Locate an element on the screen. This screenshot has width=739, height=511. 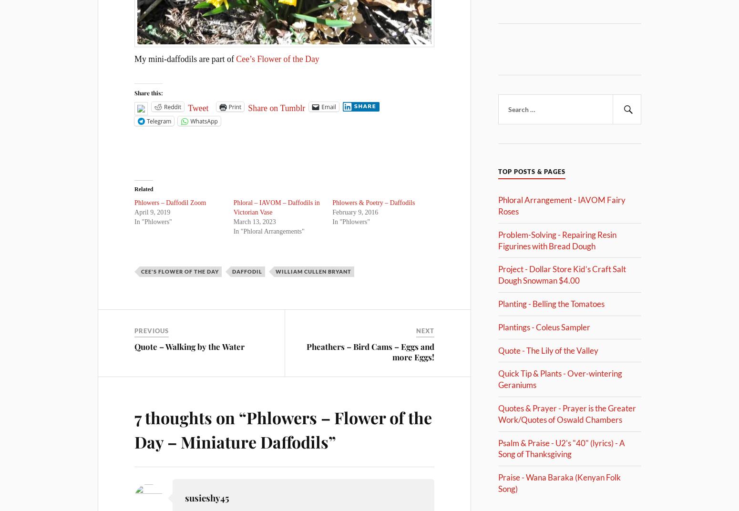
'Quick Tip & Plants - Over-wintering Geraniums' is located at coordinates (560, 379).